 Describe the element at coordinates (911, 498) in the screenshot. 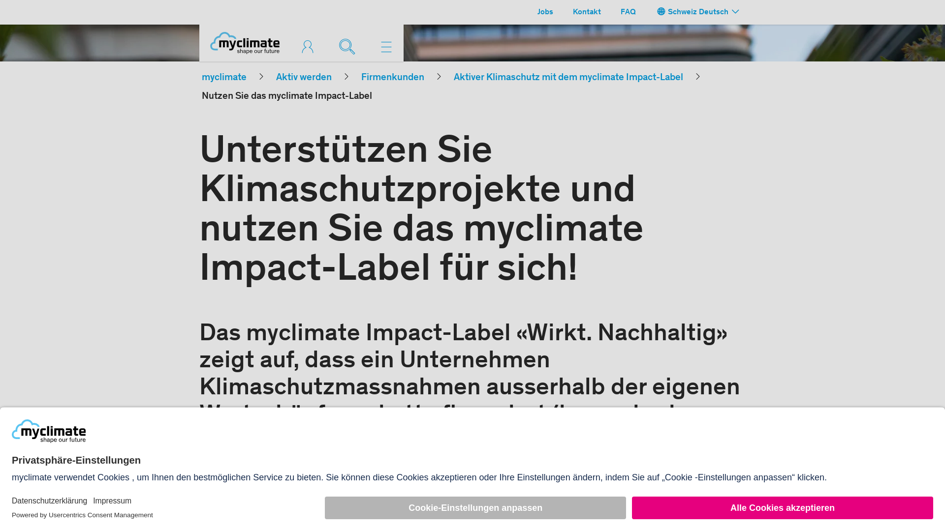

I see `'moin-ai-button'` at that location.